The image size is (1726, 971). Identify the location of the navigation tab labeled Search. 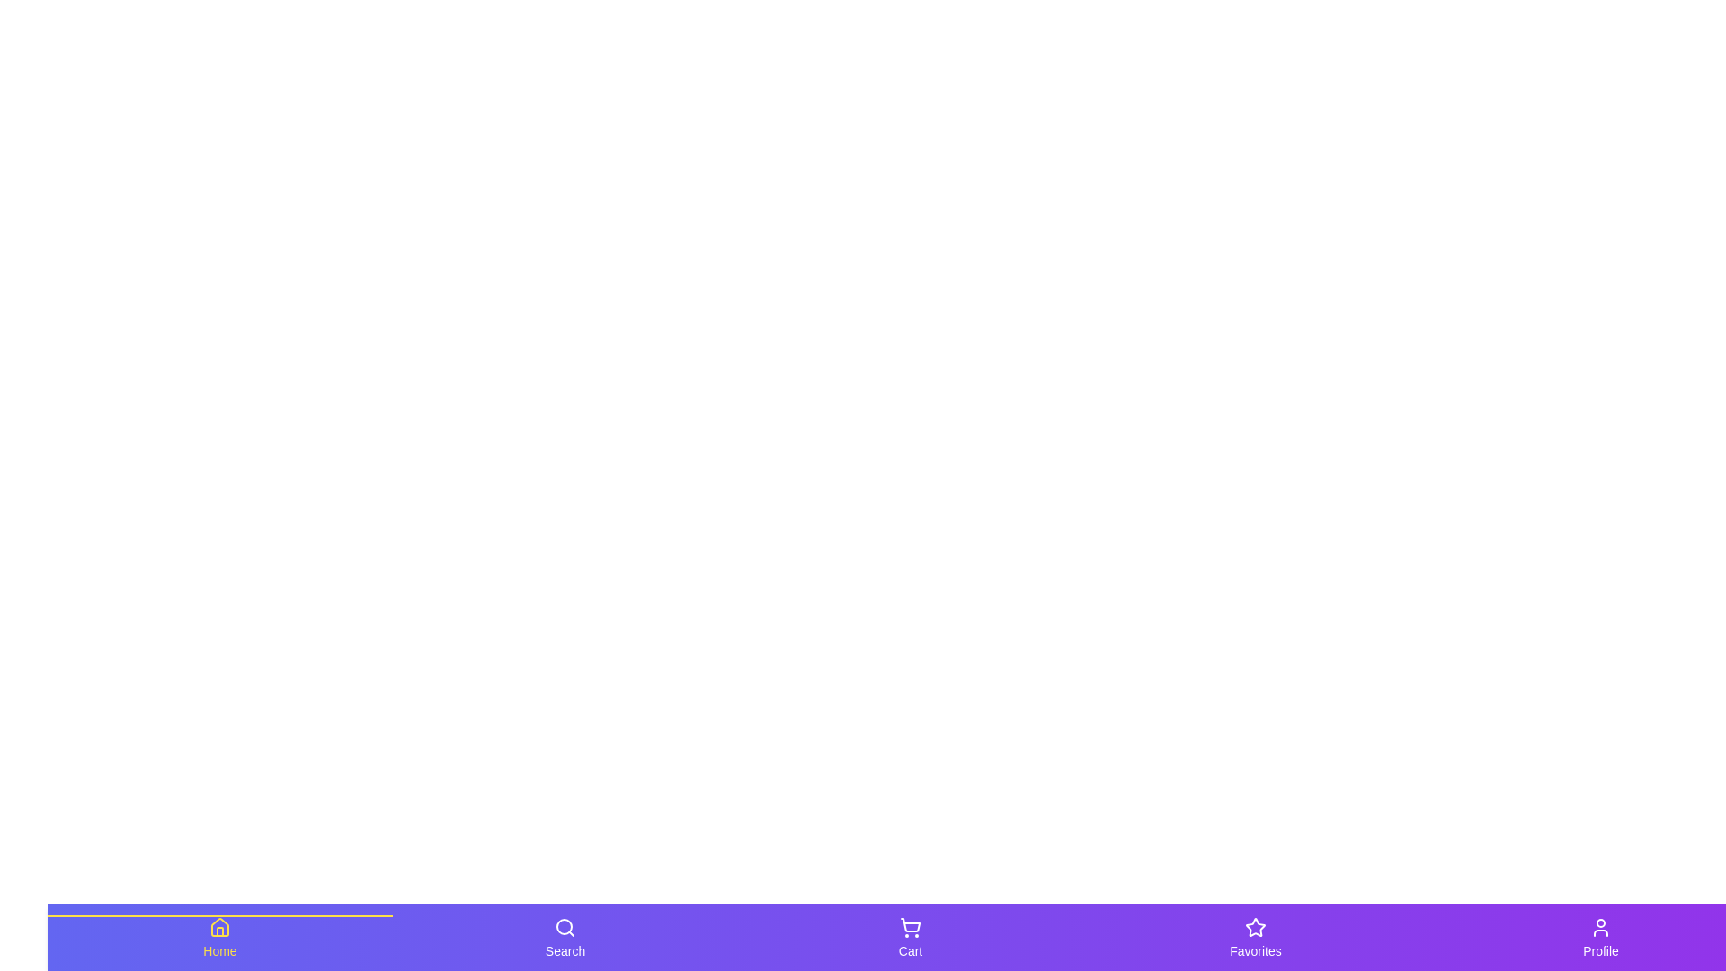
(564, 936).